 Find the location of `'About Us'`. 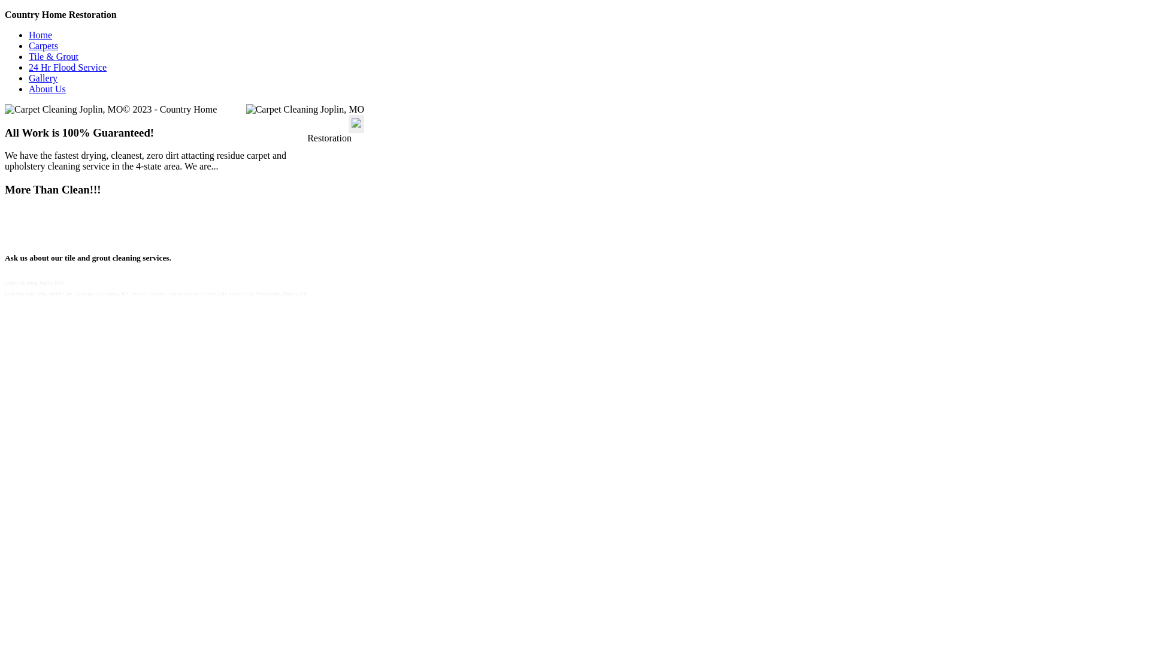

'About Us' is located at coordinates (47, 88).